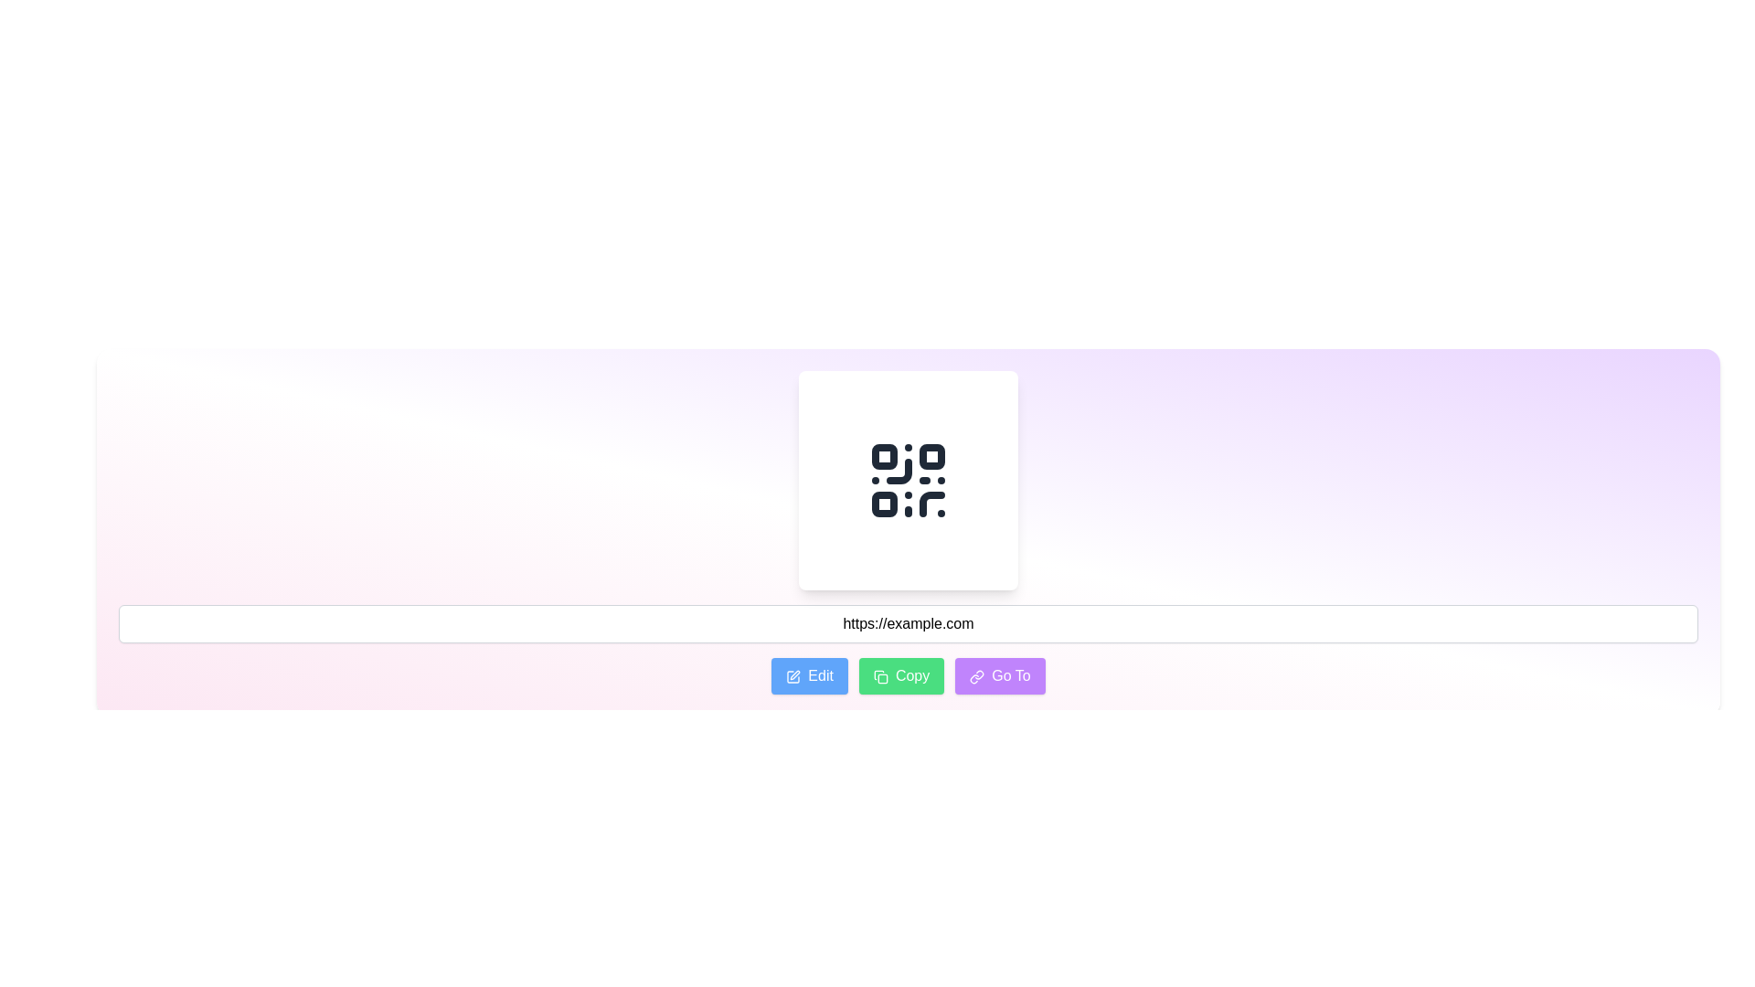  I want to click on the second button located between the 'Edit' (blue background) and 'Go To' (purple background) buttons to copy the contents of the associated text field to the clipboard, so click(901, 676).